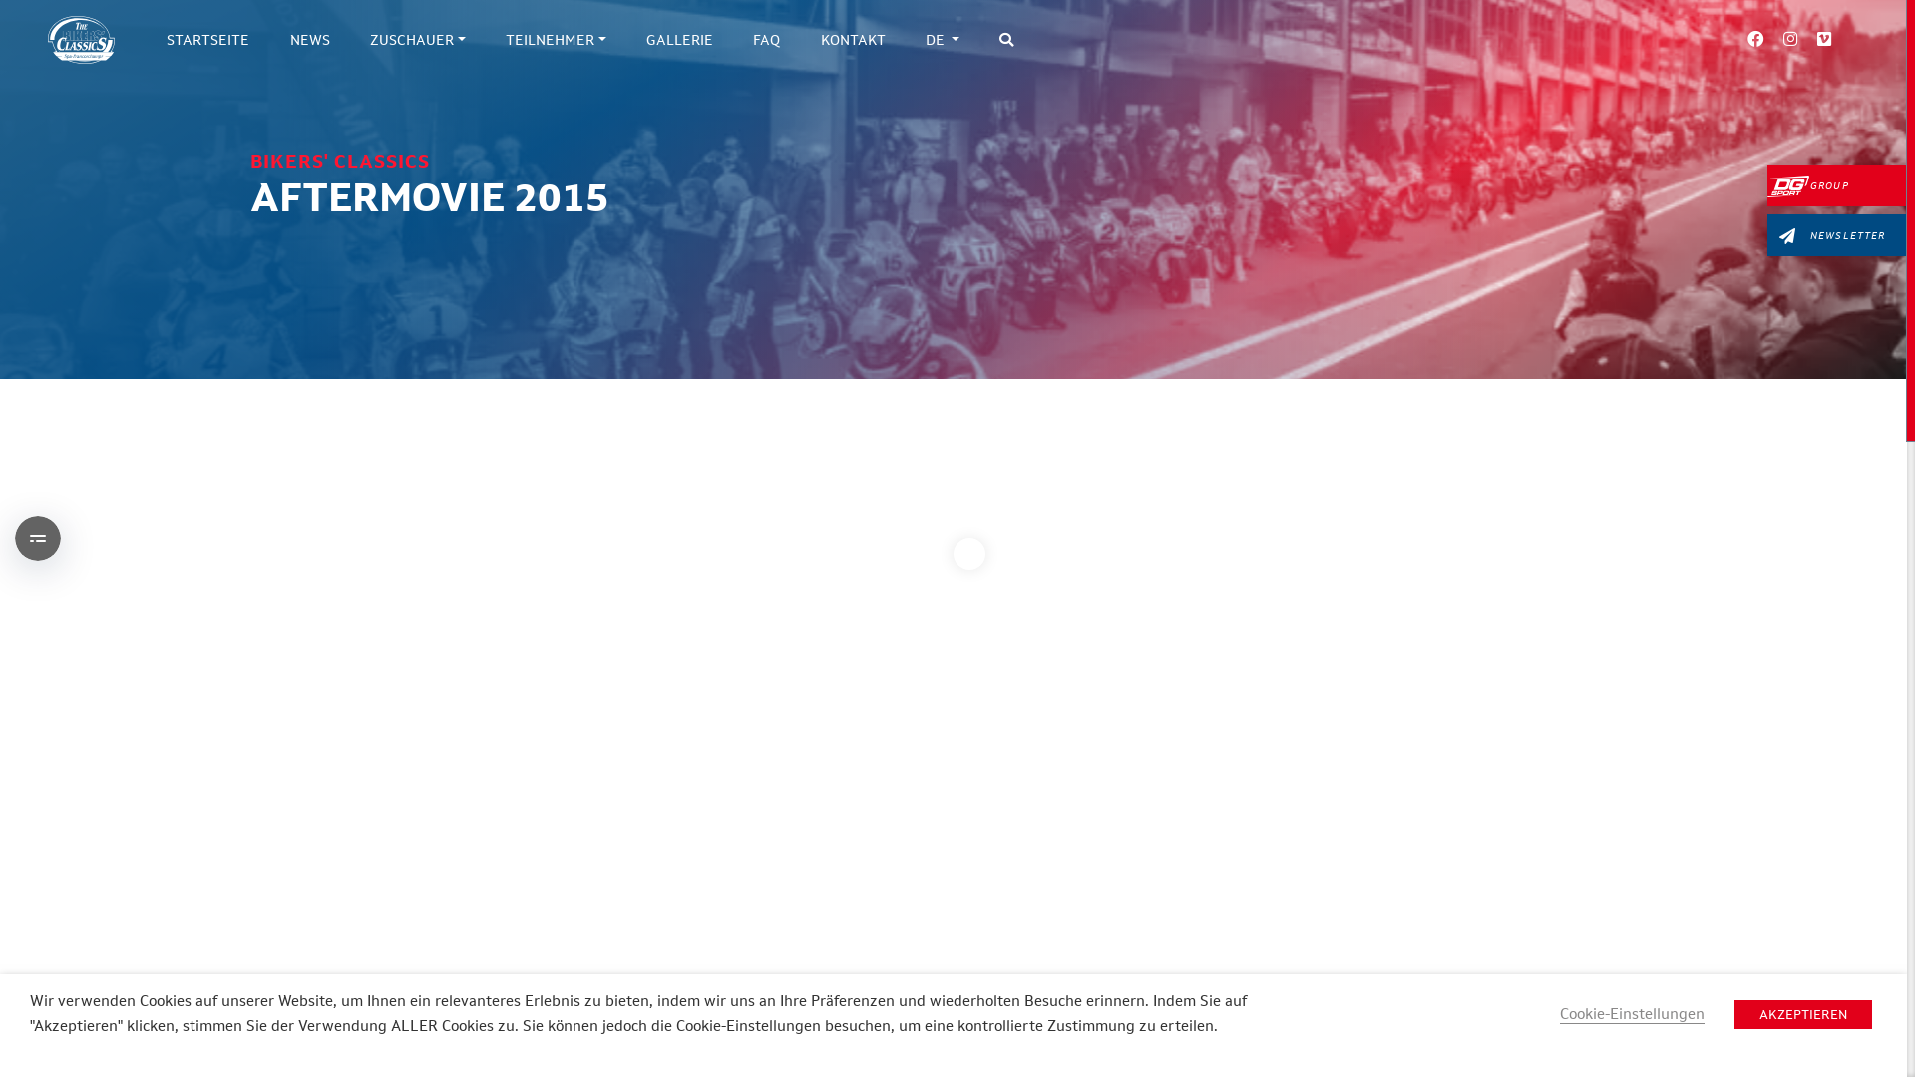 The width and height of the screenshot is (1915, 1077). What do you see at coordinates (1632, 1014) in the screenshot?
I see `'Cookie-Einstellungen'` at bounding box center [1632, 1014].